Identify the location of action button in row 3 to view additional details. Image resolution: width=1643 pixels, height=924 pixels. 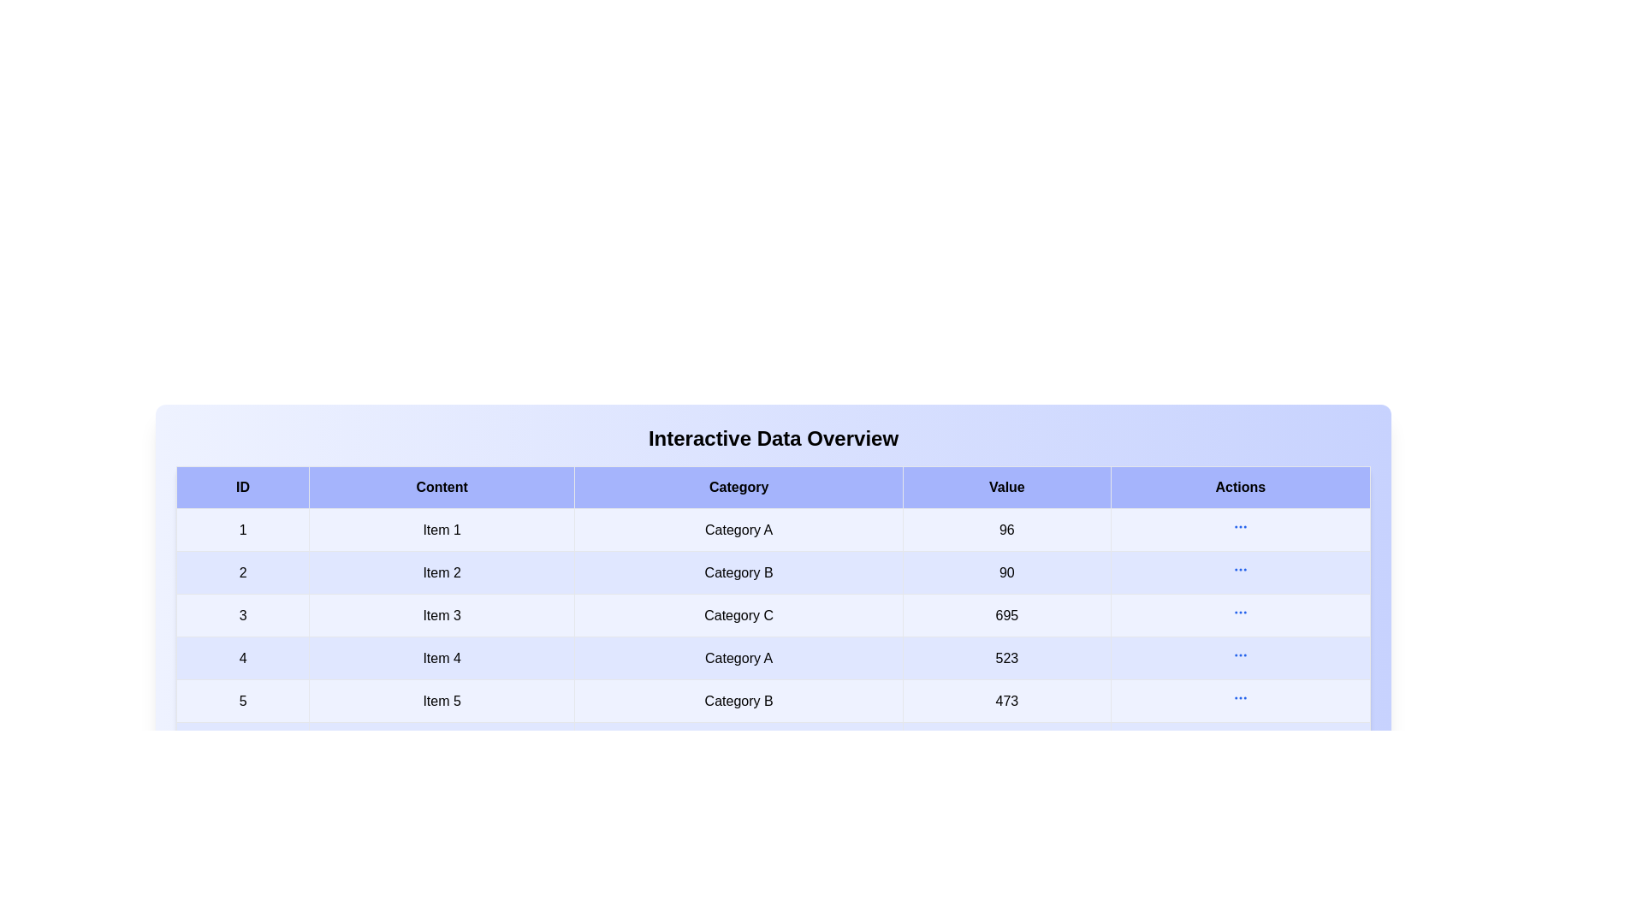
(1240, 612).